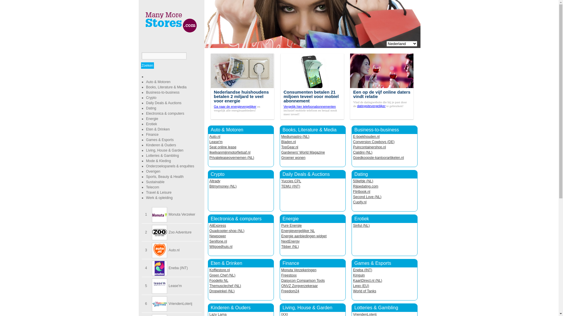 This screenshot has height=316, width=563. What do you see at coordinates (362, 152) in the screenshot?
I see `'Cialdini (NL)'` at bounding box center [362, 152].